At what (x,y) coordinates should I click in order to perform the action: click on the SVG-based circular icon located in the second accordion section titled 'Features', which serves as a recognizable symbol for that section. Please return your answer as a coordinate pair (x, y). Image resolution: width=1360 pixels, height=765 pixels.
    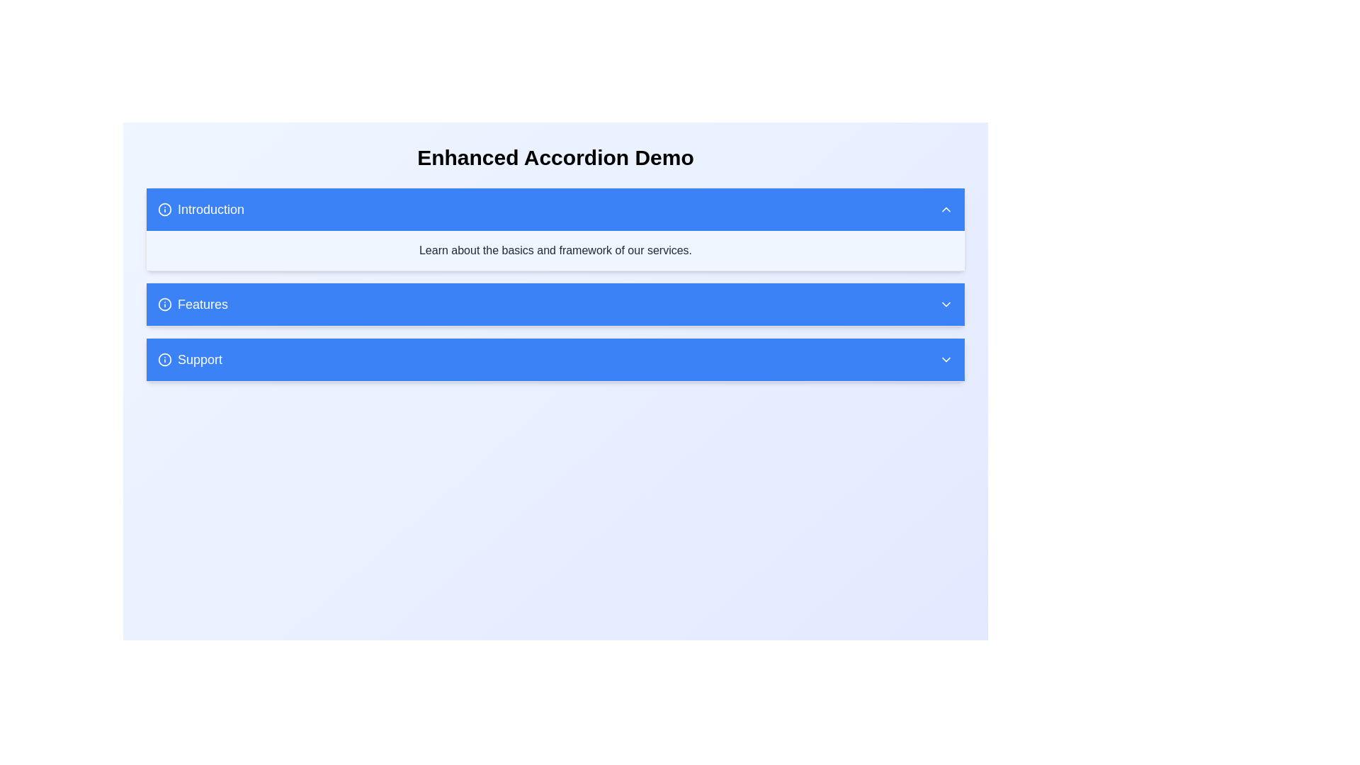
    Looking at the image, I should click on (165, 303).